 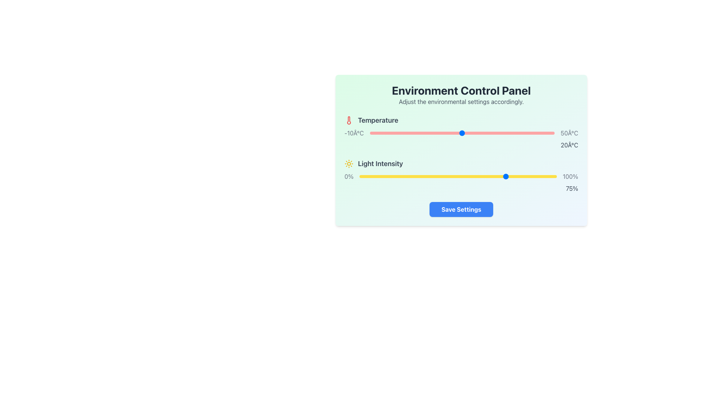 What do you see at coordinates (511, 176) in the screenshot?
I see `the light intensity` at bounding box center [511, 176].